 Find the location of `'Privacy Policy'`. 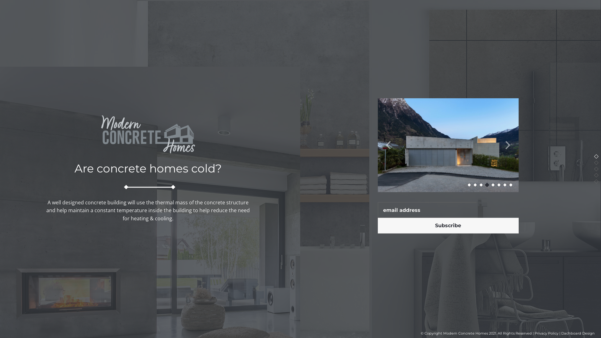

'Privacy Policy' is located at coordinates (546, 333).